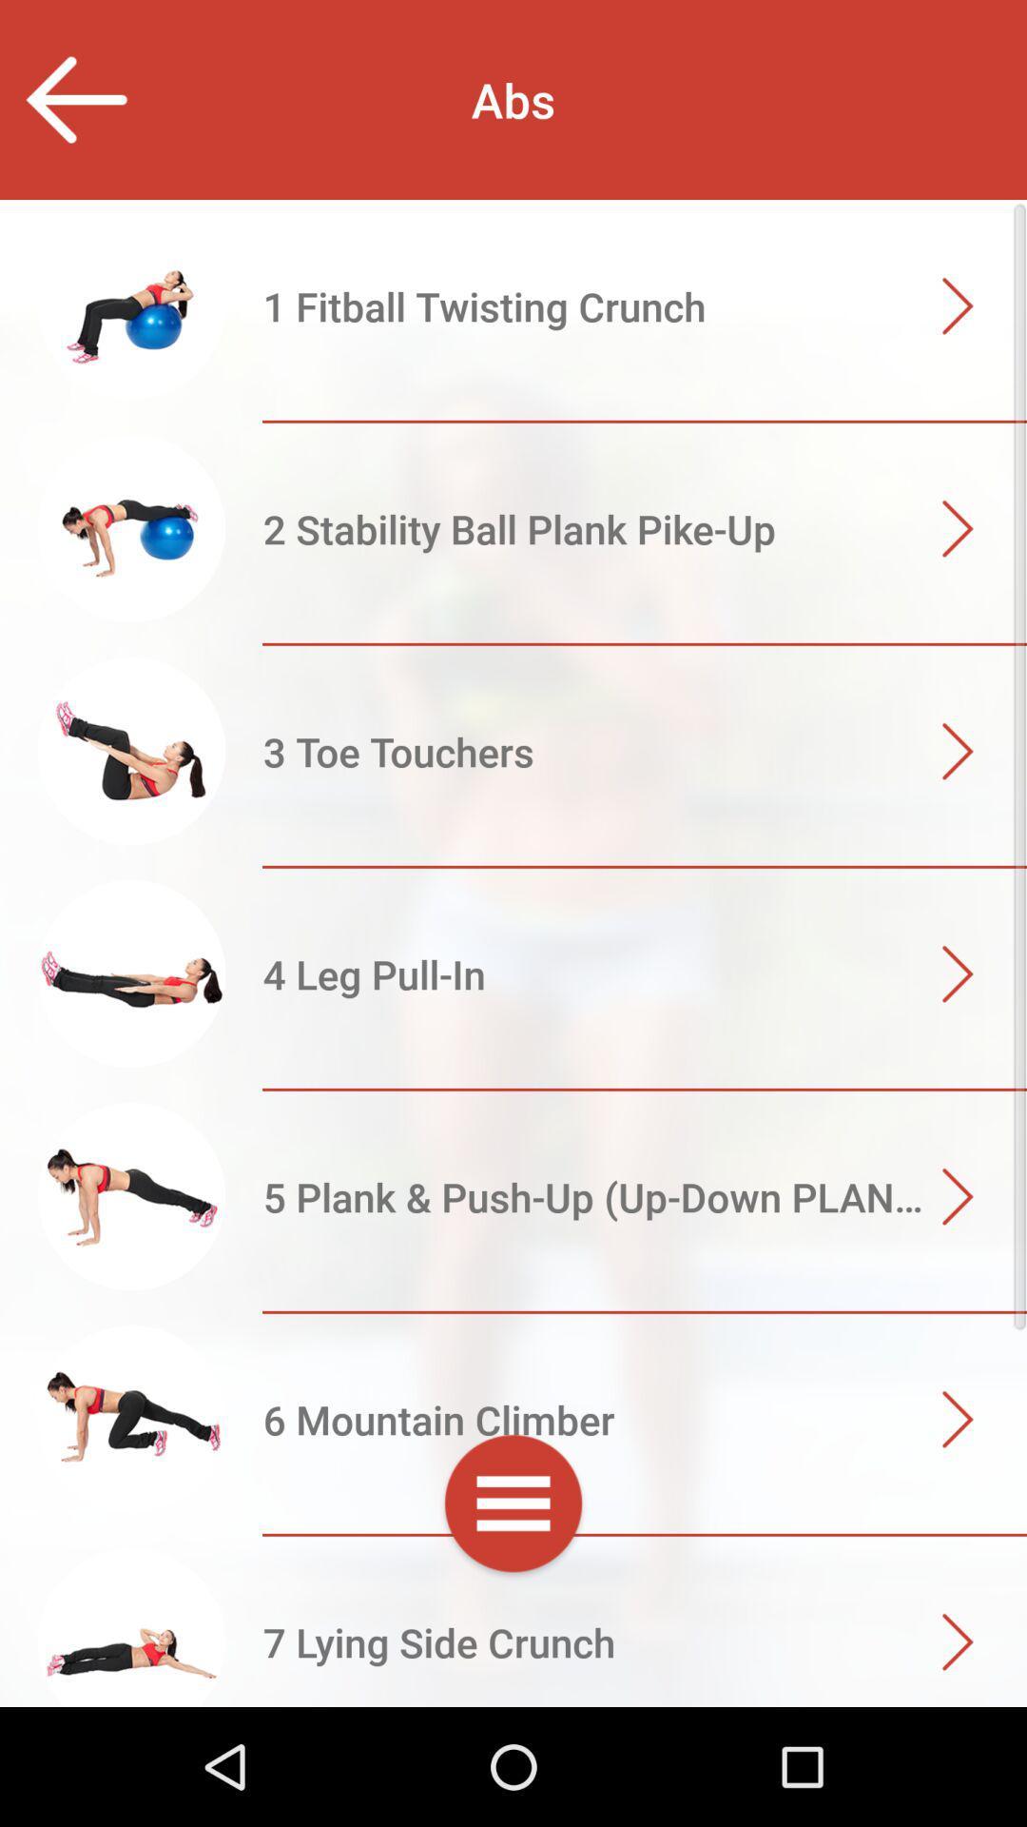 The height and width of the screenshot is (1827, 1027). What do you see at coordinates (513, 1643) in the screenshot?
I see `open 7 lying side crunch` at bounding box center [513, 1643].